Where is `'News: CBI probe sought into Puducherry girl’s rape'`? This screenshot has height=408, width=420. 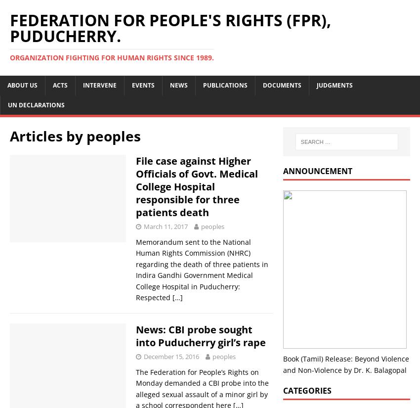
'News: CBI probe sought into Puducherry girl’s rape' is located at coordinates (201, 336).